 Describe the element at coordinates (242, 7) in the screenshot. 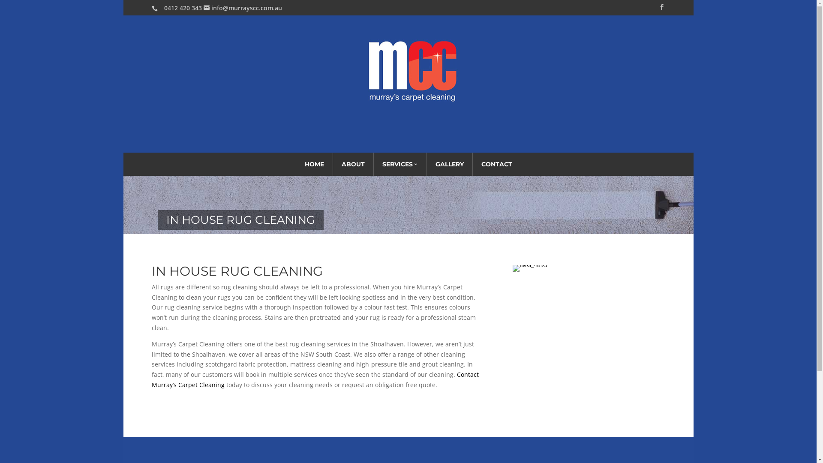

I see `'info@murrayscc.com.au'` at that location.